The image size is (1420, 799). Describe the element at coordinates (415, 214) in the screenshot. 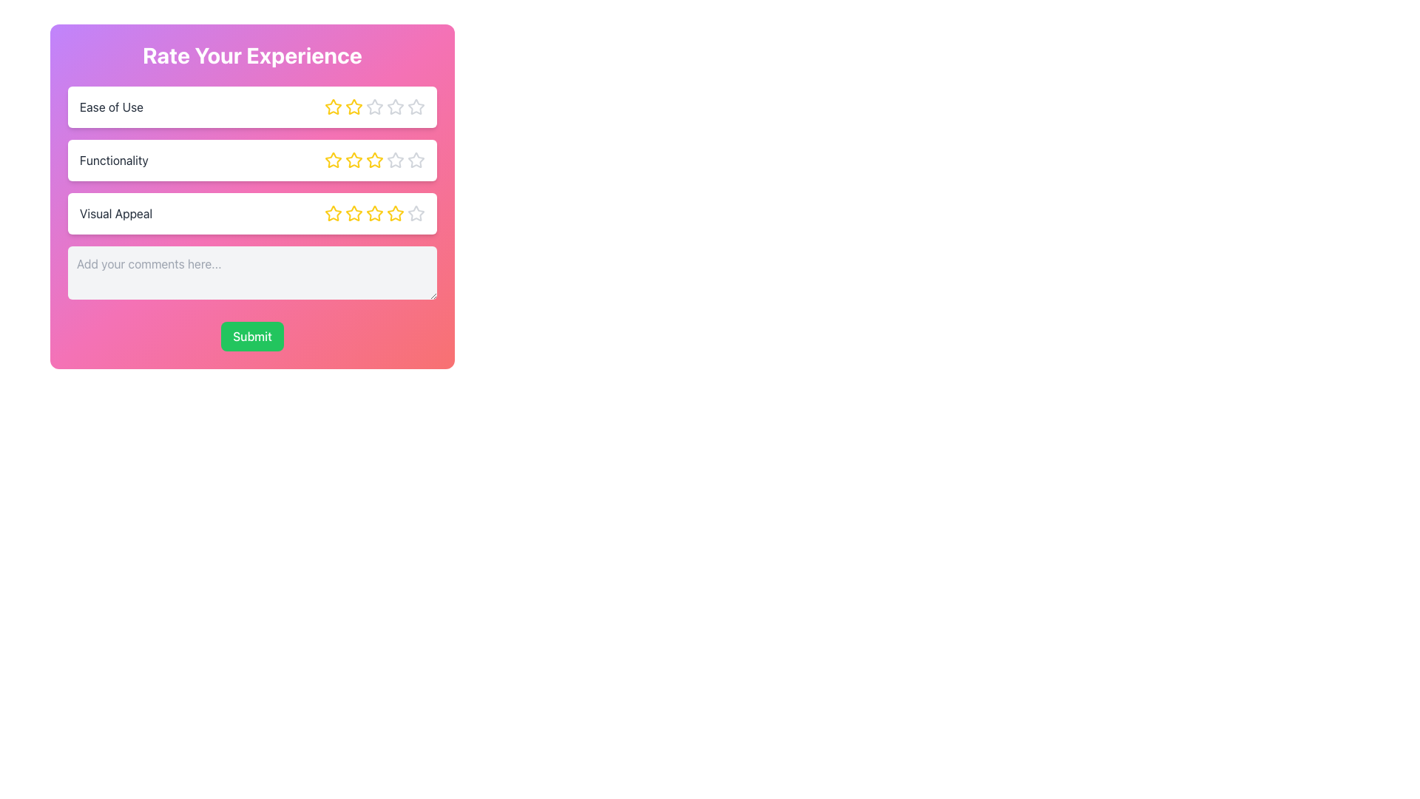

I see `the fifth star icon in the 'Visual Appeal' rating row` at that location.